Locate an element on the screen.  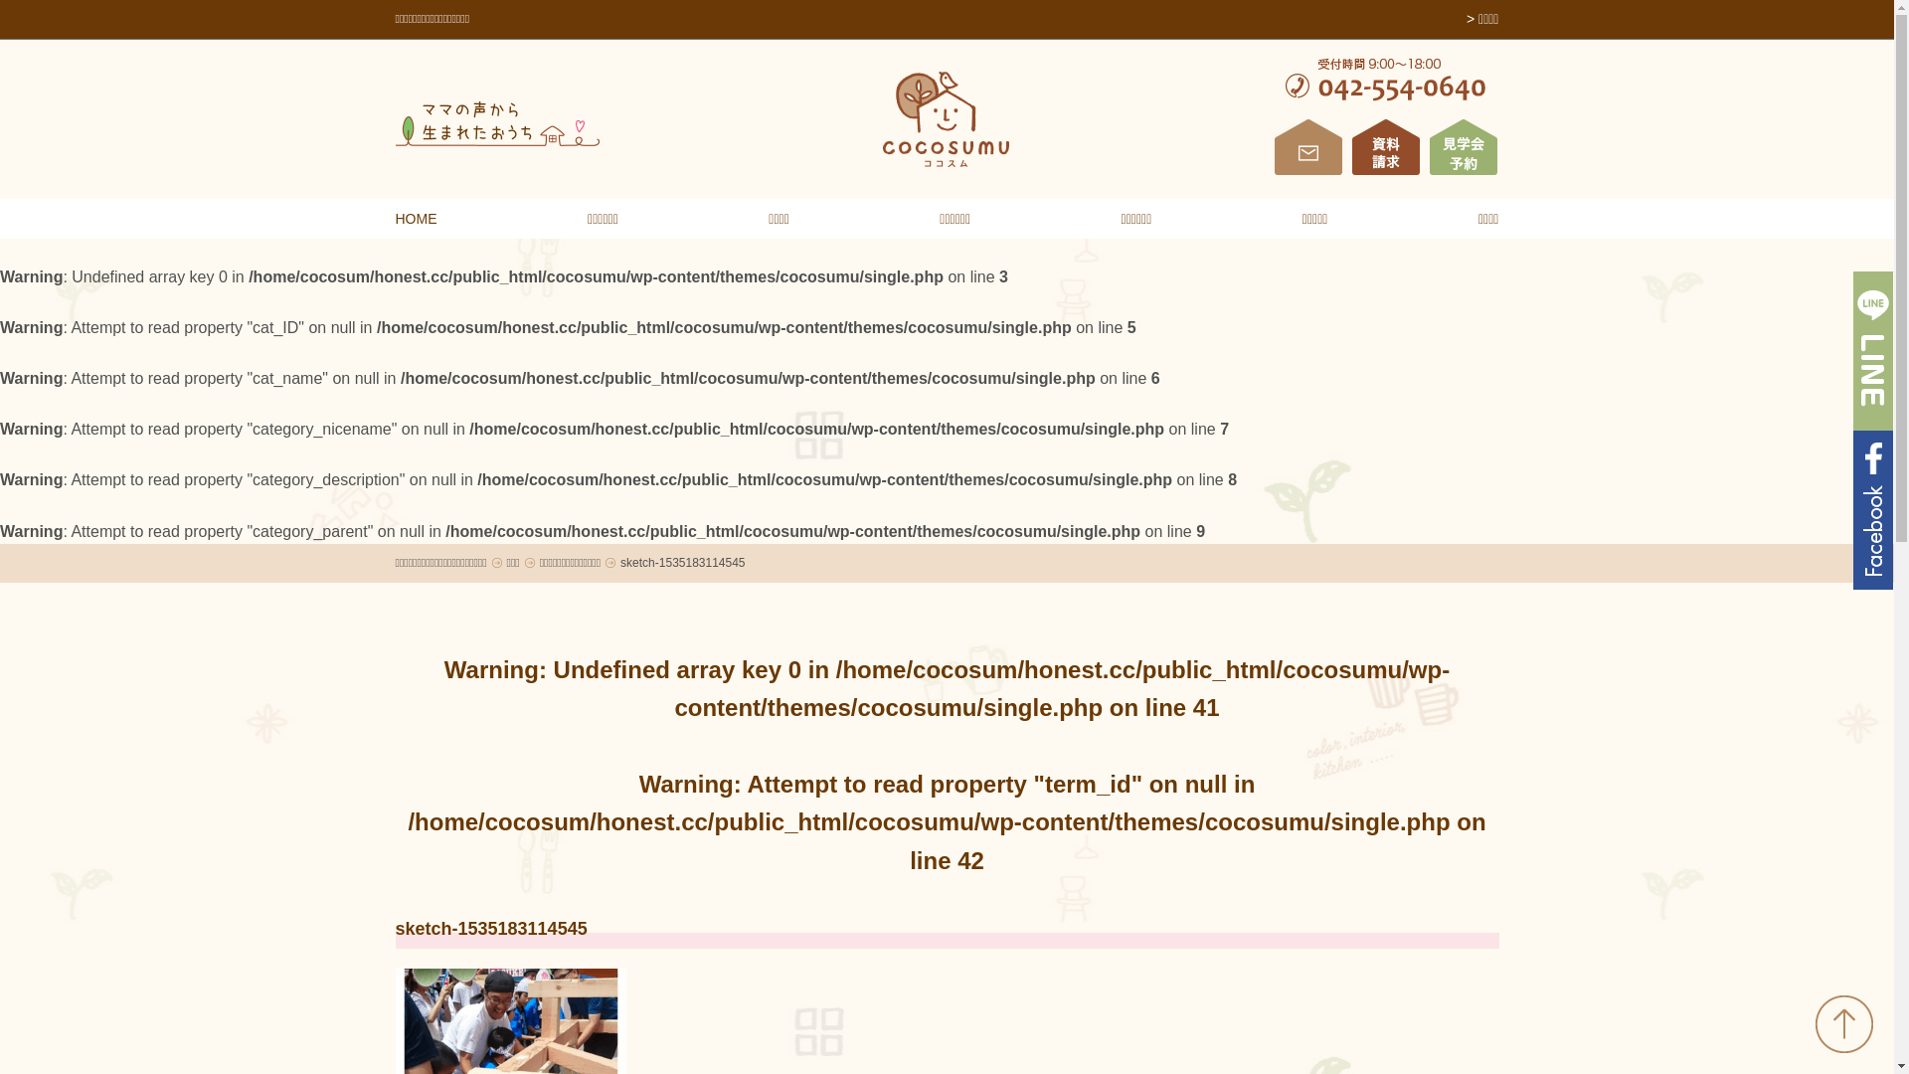
'HOME' is located at coordinates (415, 218).